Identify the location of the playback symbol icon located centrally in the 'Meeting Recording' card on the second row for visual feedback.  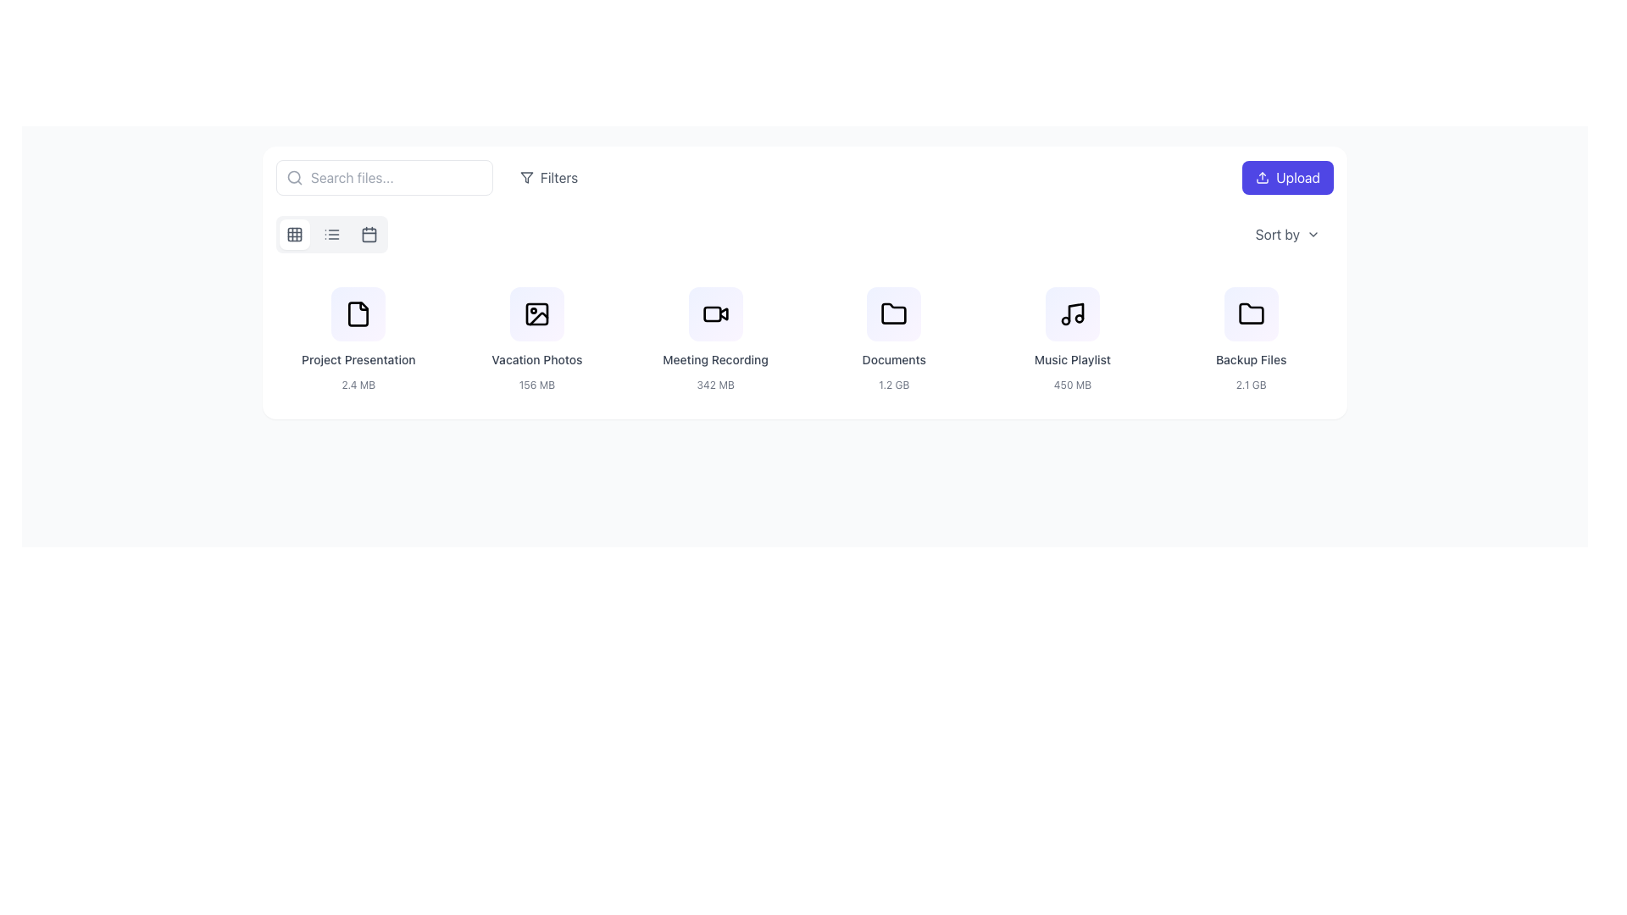
(724, 313).